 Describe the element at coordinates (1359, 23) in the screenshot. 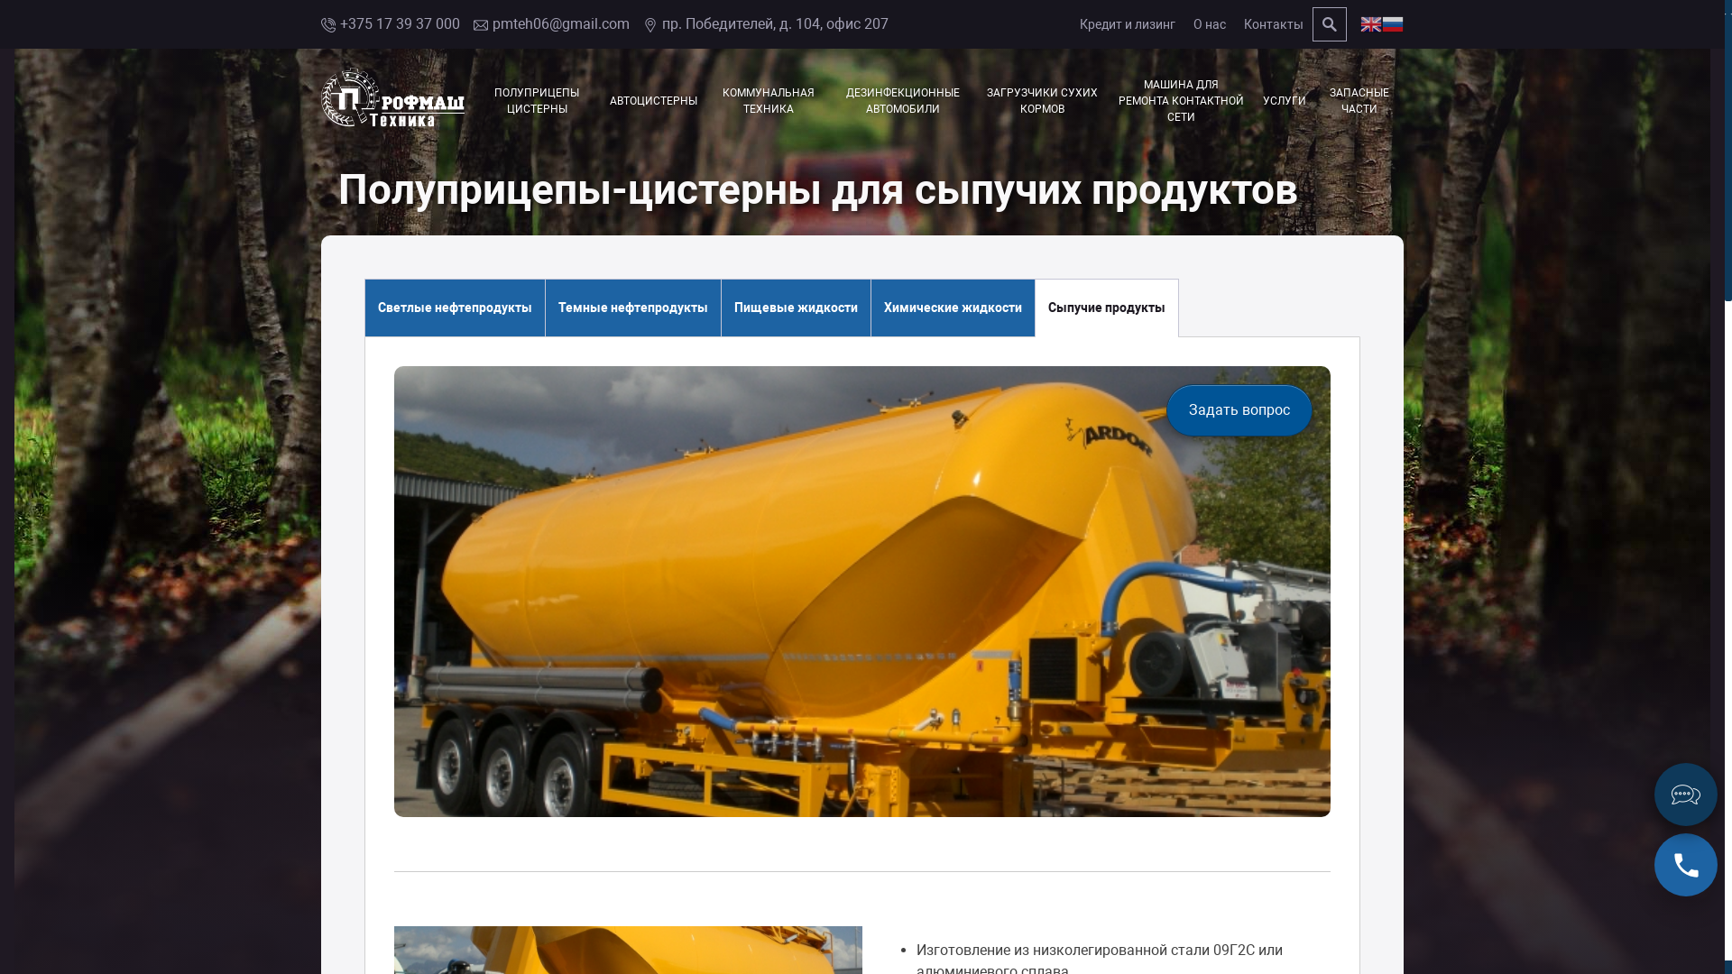

I see `'English'` at that location.